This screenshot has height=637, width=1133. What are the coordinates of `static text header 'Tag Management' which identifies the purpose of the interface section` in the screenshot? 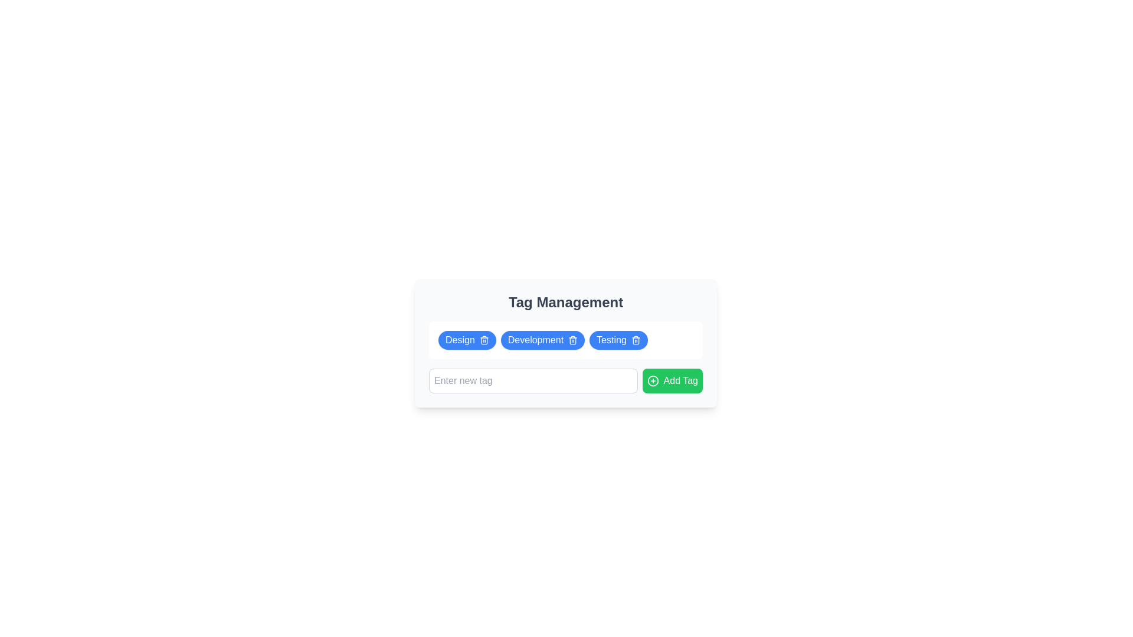 It's located at (565, 302).